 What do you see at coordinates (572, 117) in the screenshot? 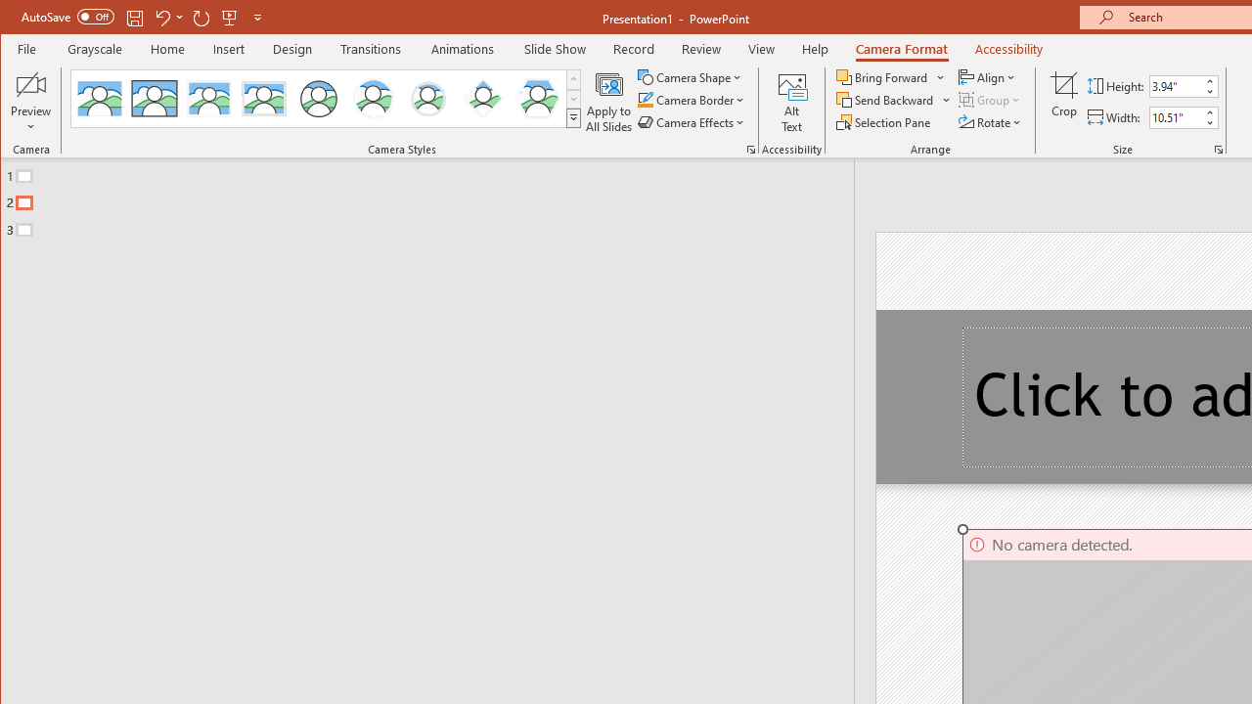
I see `'Class: NetUIImage'` at bounding box center [572, 117].